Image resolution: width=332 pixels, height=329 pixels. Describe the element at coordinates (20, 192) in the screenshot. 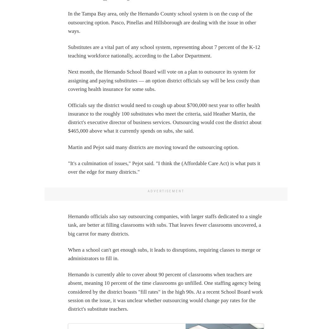

I see `'Help Chat'` at that location.